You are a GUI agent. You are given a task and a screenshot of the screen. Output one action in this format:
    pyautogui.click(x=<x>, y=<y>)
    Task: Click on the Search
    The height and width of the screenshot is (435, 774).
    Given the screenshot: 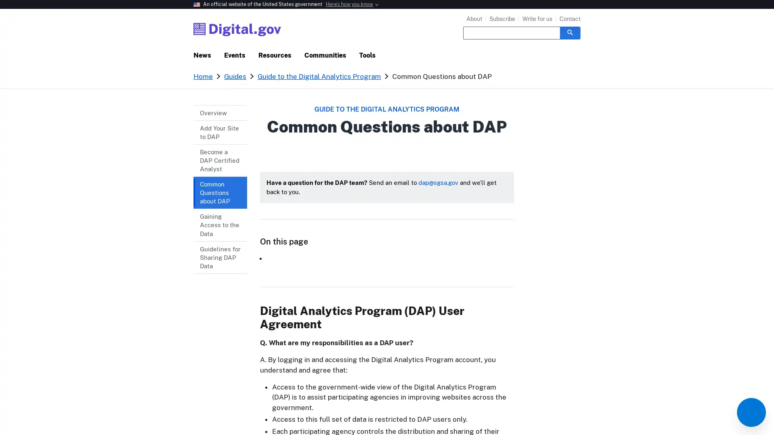 What is the action you would take?
    pyautogui.click(x=570, y=32)
    